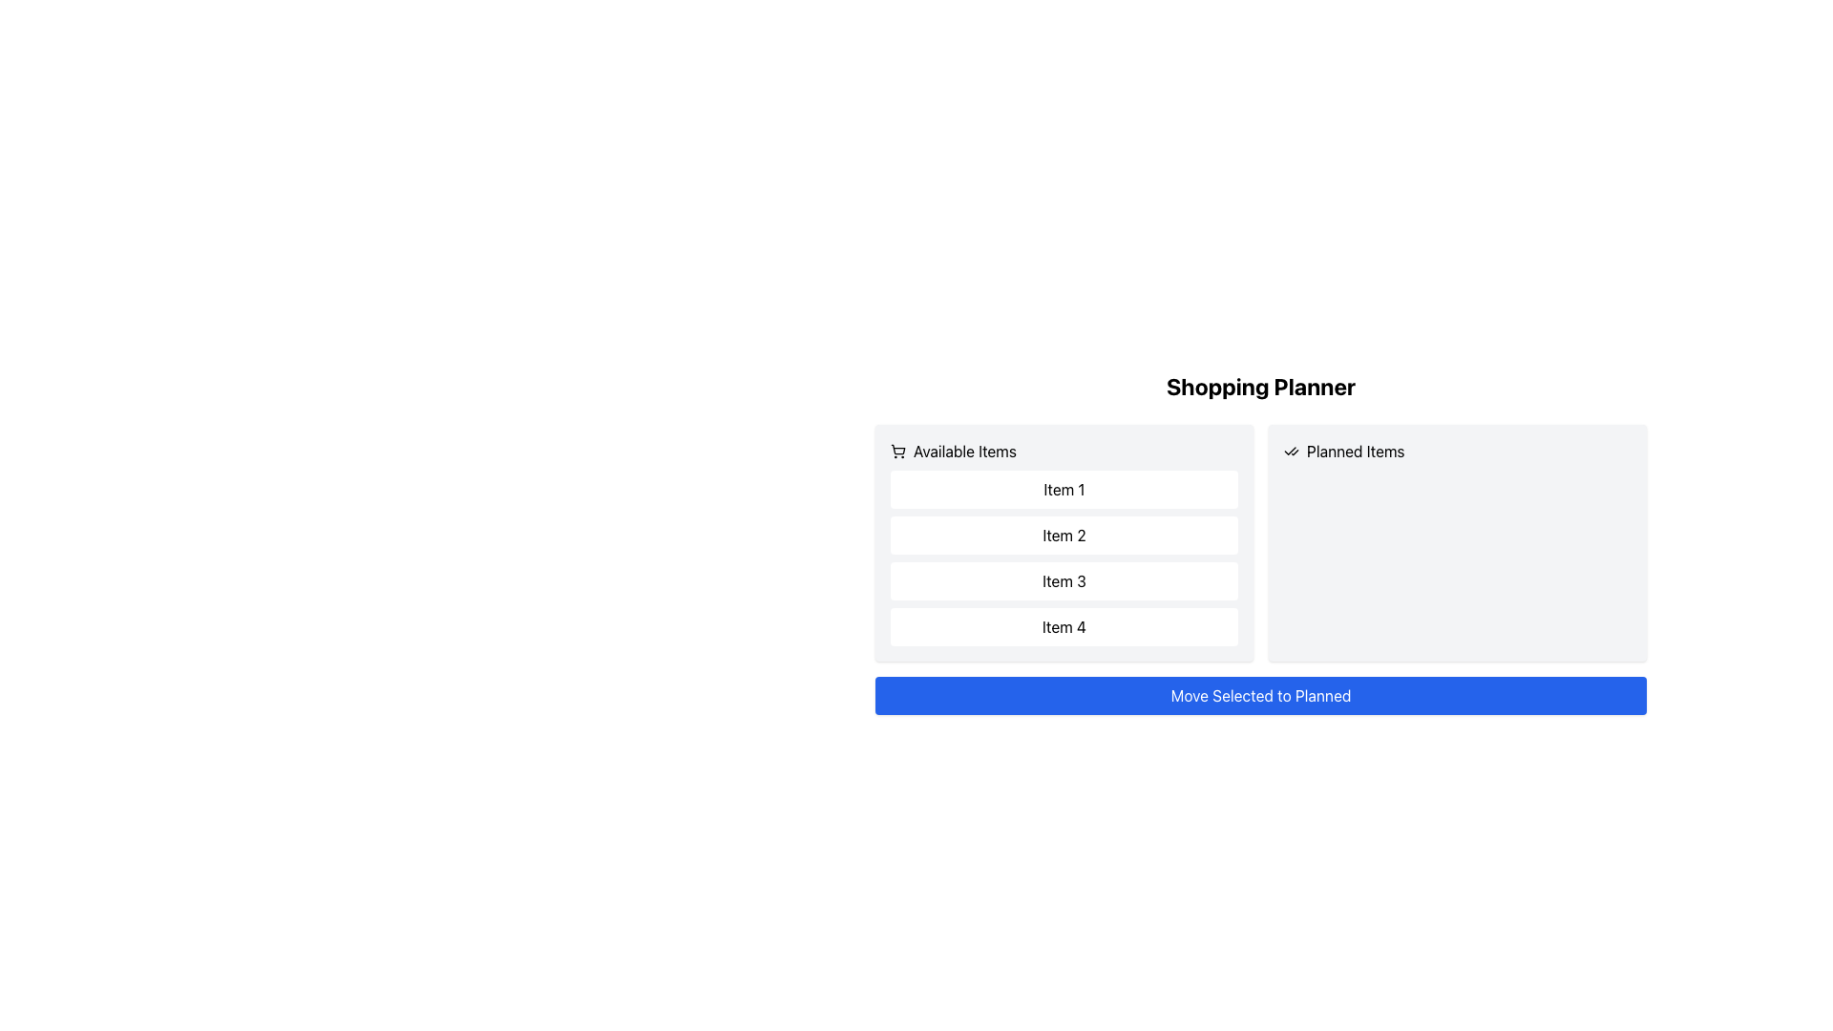 The height and width of the screenshot is (1031, 1833). I want to click on the 'Shopping Planner' title text label, which is located at the top-center of the layout, above other elements, so click(1260, 387).